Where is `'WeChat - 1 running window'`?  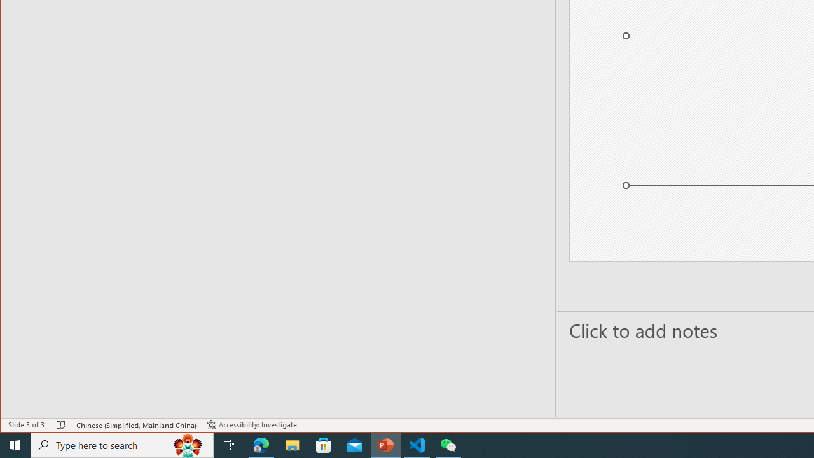
'WeChat - 1 running window' is located at coordinates (448, 444).